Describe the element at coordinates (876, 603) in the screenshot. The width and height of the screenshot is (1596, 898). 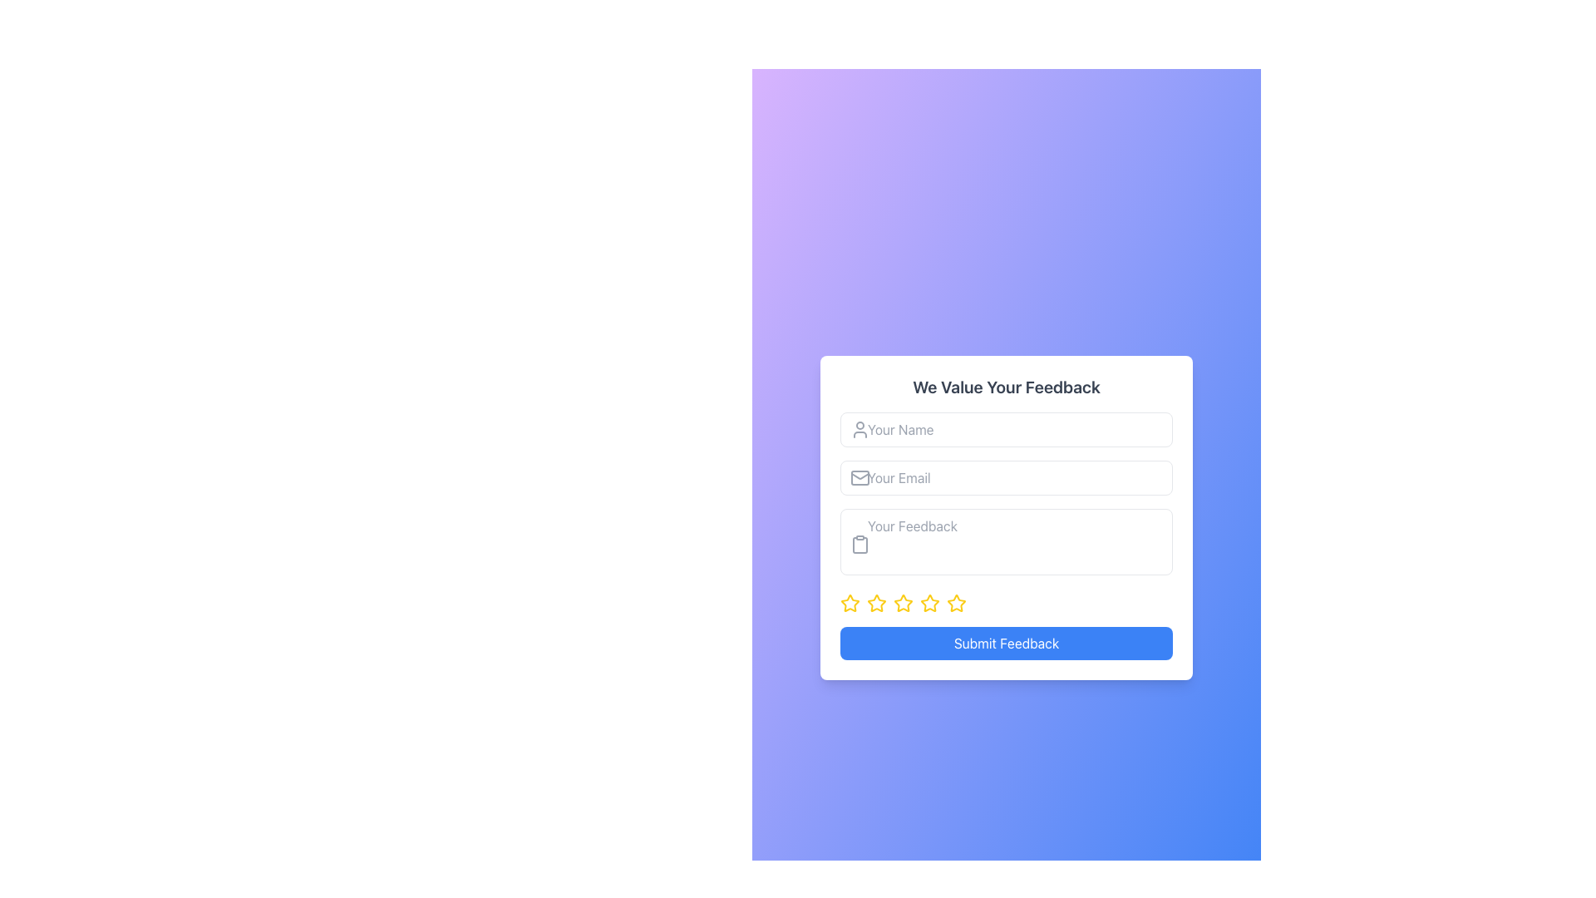
I see `the third rating star icon` at that location.